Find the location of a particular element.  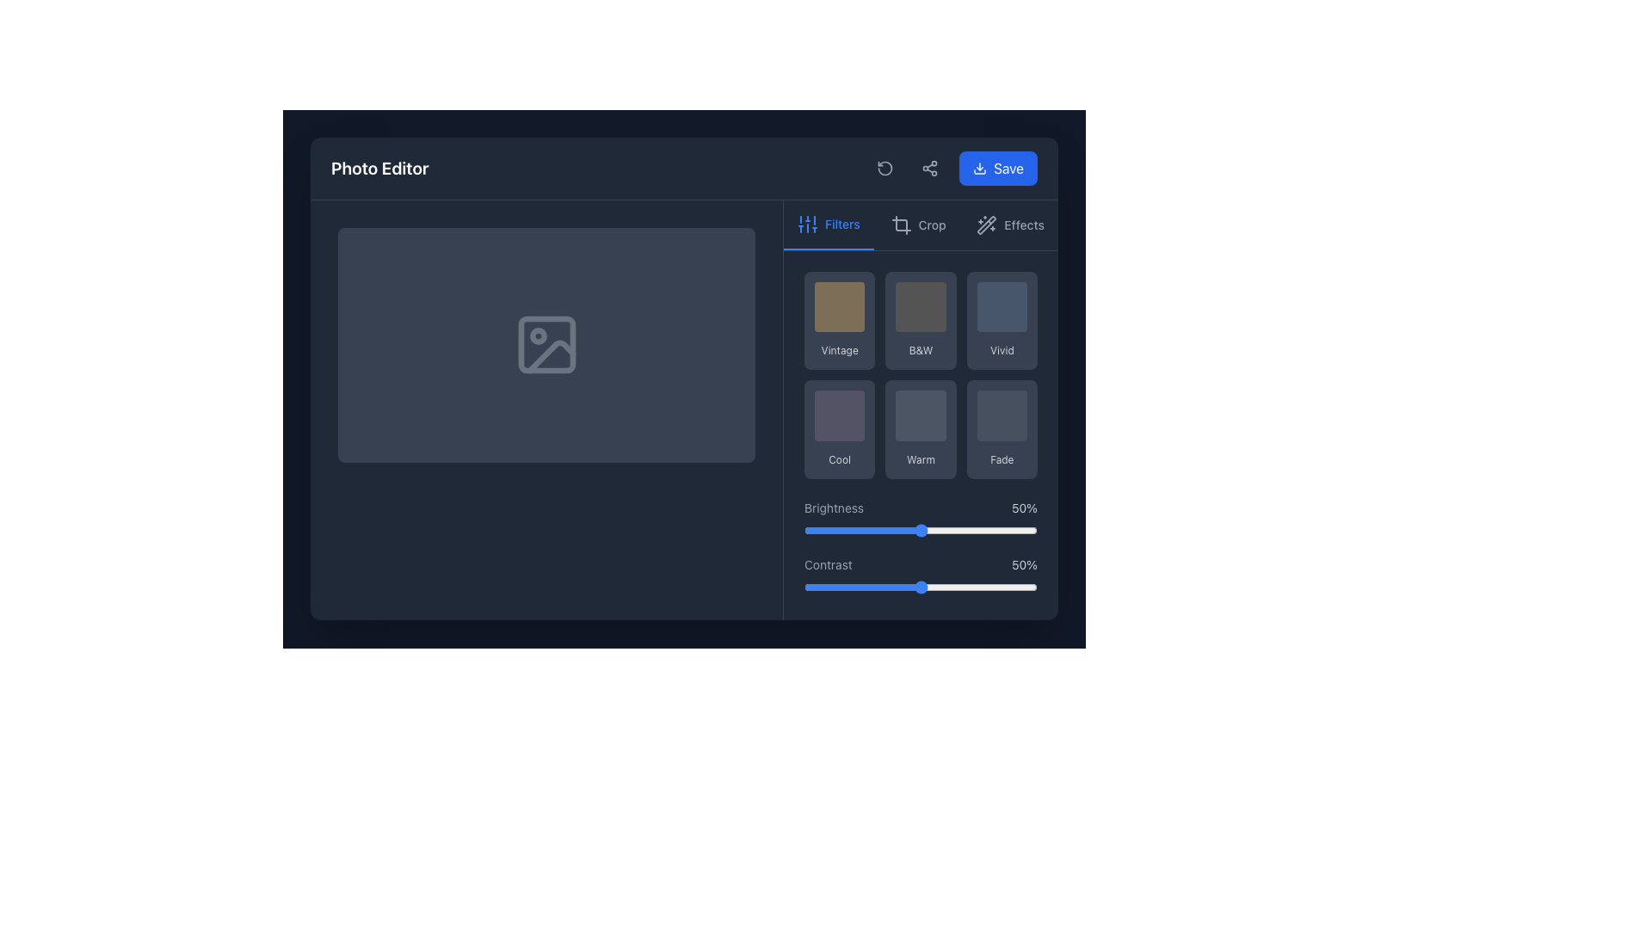

the 'Warm' filter button located in the bottom center area of the interface, which is part of a grid layout for image editing enhancements is located at coordinates (920, 415).